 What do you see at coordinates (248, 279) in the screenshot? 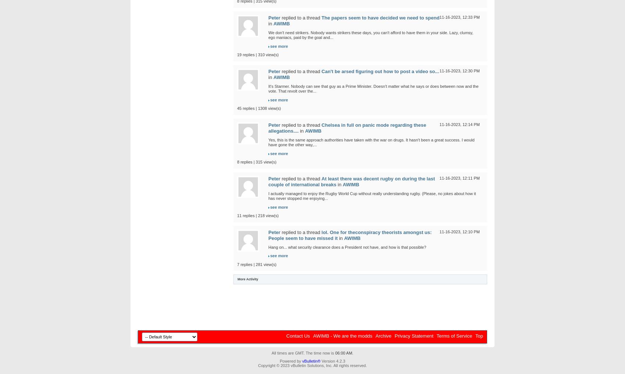
I see `'More Activity'` at bounding box center [248, 279].